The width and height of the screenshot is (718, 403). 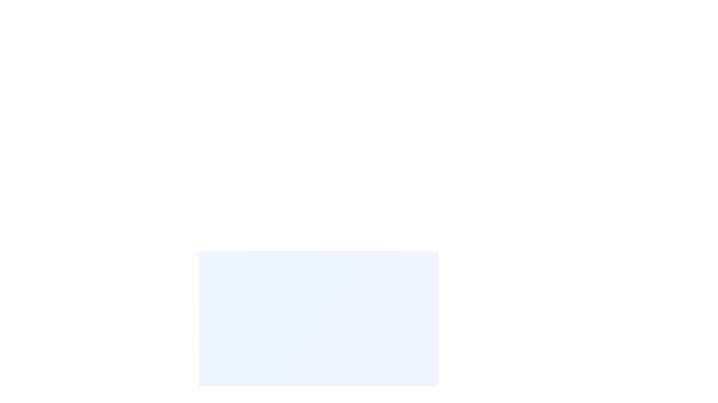 What do you see at coordinates (318, 313) in the screenshot?
I see `the Informational panel titled 'Typography Manager', which has a white background and contains a descriptive paragraph` at bounding box center [318, 313].